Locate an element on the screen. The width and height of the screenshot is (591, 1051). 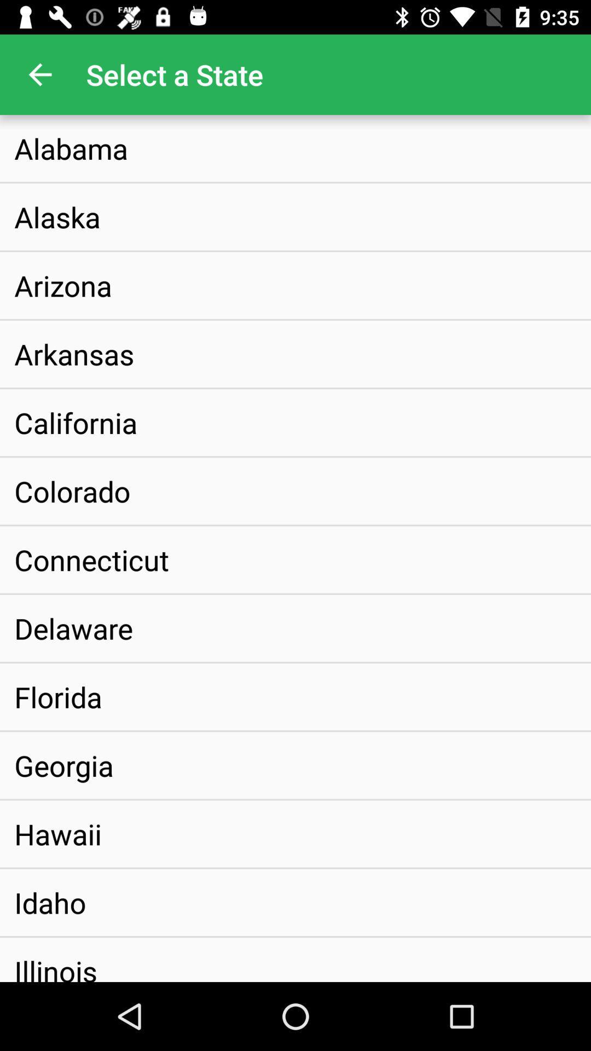
arizona icon is located at coordinates (63, 285).